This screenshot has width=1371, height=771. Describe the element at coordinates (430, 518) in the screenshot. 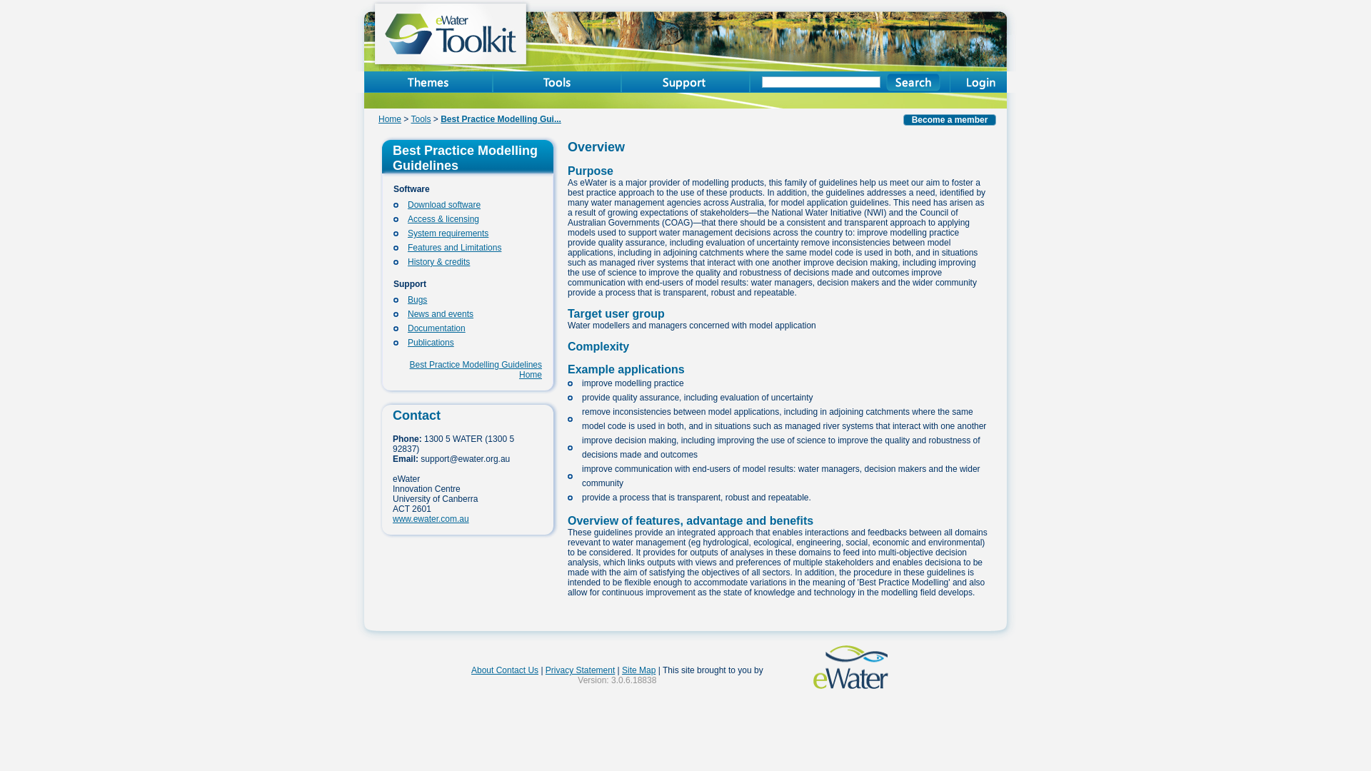

I see `'www.ewater.com.au'` at that location.